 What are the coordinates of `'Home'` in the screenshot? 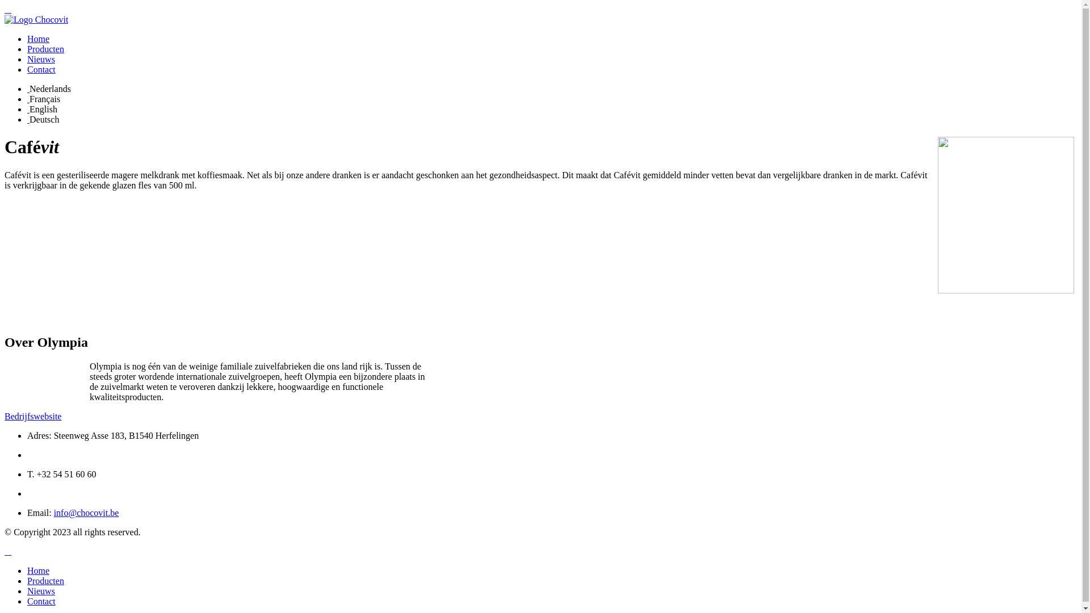 It's located at (38, 38).